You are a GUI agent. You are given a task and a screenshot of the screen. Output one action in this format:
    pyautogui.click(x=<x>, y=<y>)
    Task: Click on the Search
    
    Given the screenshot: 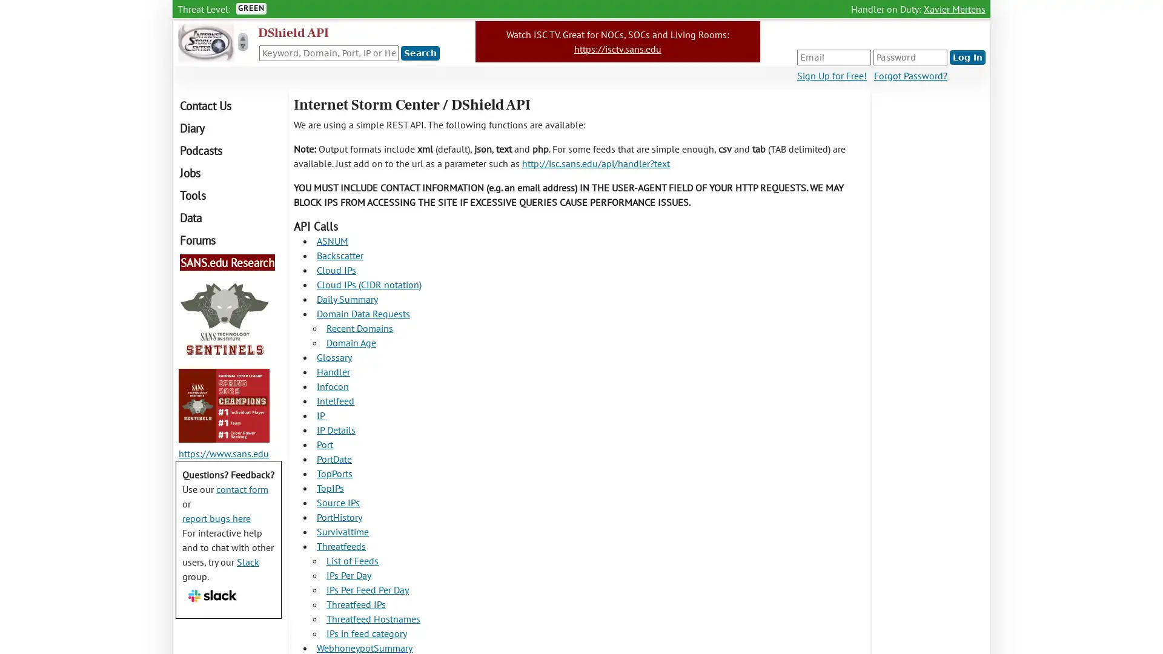 What is the action you would take?
    pyautogui.click(x=420, y=53)
    